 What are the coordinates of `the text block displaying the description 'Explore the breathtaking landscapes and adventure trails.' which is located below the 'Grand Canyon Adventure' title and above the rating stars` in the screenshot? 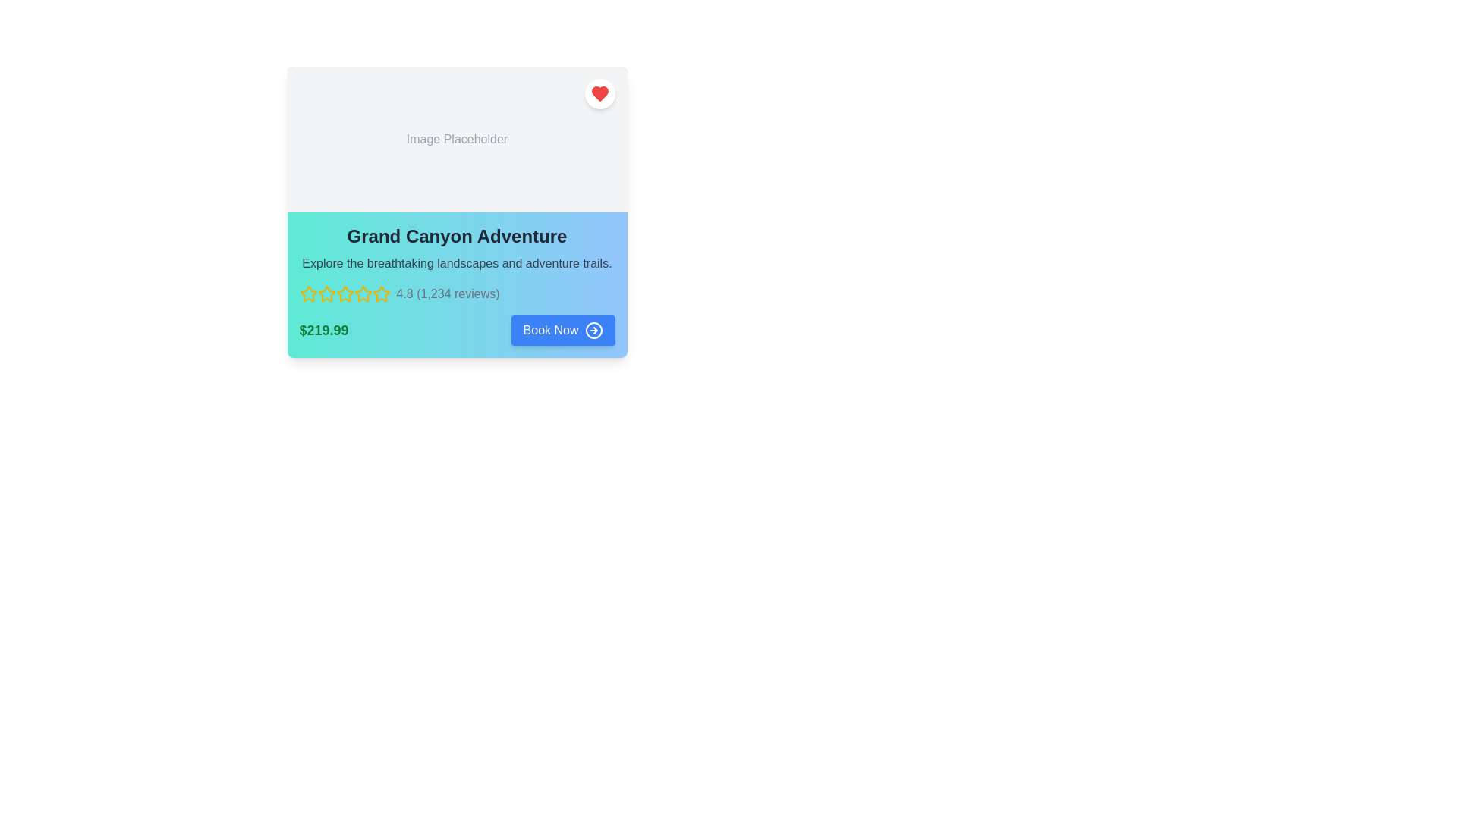 It's located at (456, 262).